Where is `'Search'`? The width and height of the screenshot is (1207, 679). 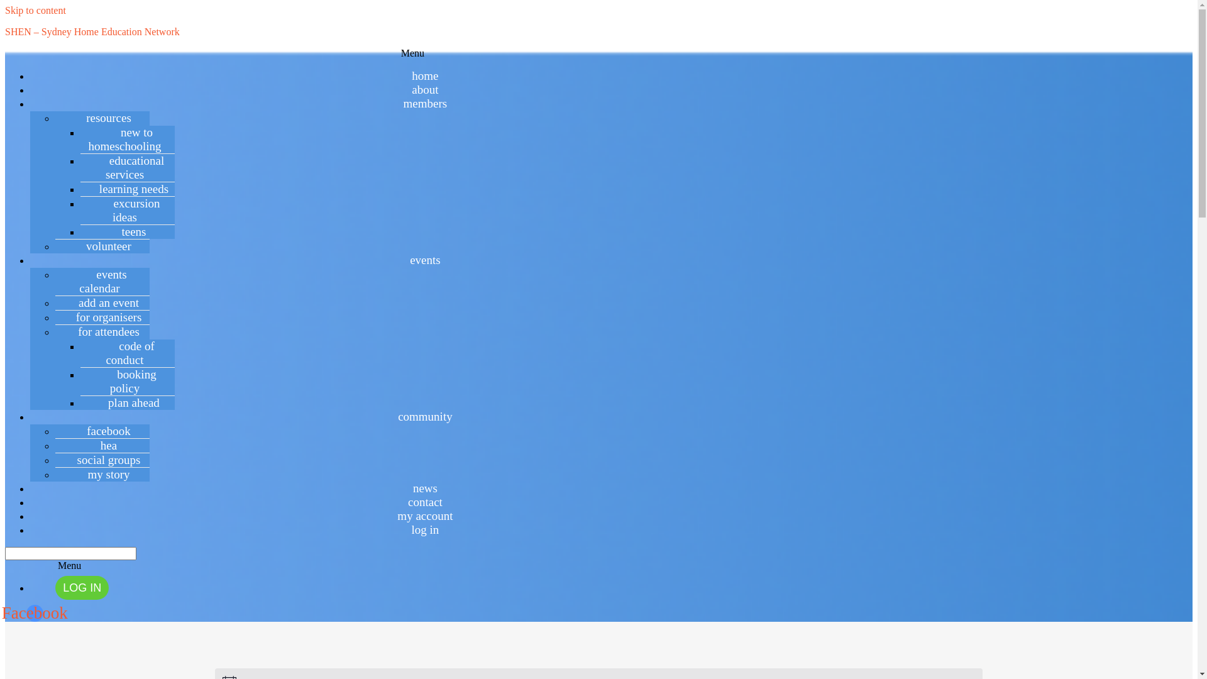
'Search' is located at coordinates (5, 553).